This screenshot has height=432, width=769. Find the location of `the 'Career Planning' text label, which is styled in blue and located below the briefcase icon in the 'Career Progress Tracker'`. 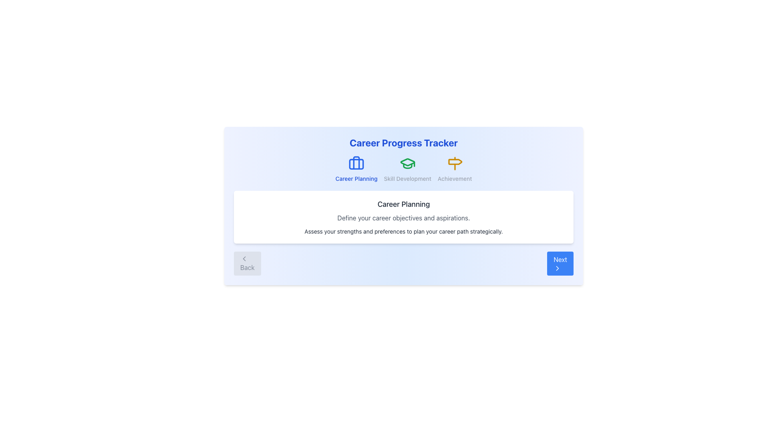

the 'Career Planning' text label, which is styled in blue and located below the briefcase icon in the 'Career Progress Tracker' is located at coordinates (356, 178).